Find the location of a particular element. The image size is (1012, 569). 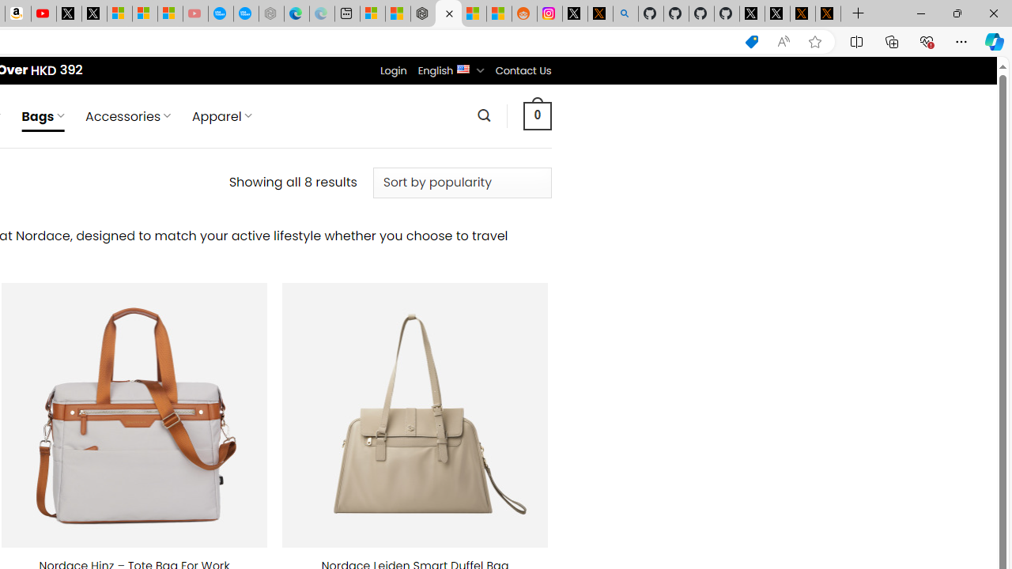

' 0 ' is located at coordinates (537, 115).